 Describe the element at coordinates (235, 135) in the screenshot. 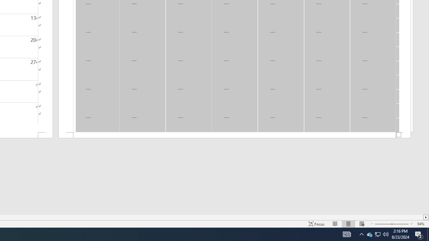

I see `'Footer -Section 1-'` at that location.